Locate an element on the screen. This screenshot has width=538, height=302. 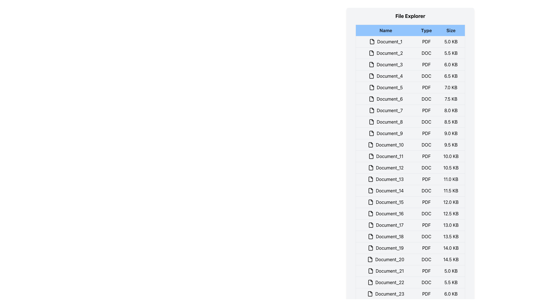
the file type icon representing 'Document_1', located at the leftmost section of the first row in the file explorer interface is located at coordinates (372, 41).